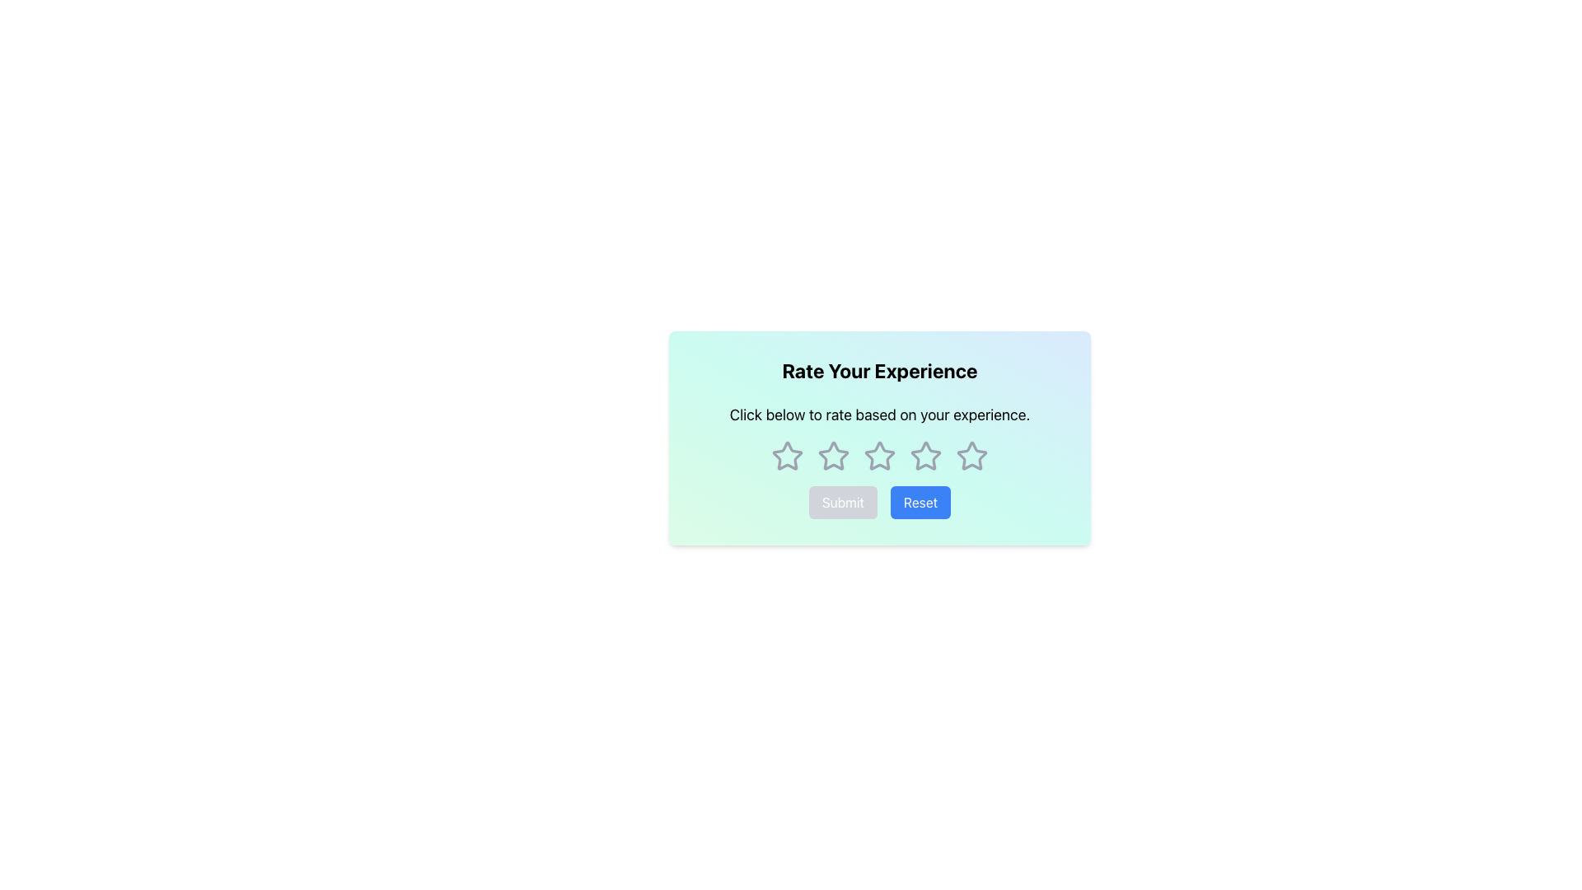 The height and width of the screenshot is (890, 1582). Describe the element at coordinates (879, 456) in the screenshot. I see `the third star icon with a light gray outline` at that location.